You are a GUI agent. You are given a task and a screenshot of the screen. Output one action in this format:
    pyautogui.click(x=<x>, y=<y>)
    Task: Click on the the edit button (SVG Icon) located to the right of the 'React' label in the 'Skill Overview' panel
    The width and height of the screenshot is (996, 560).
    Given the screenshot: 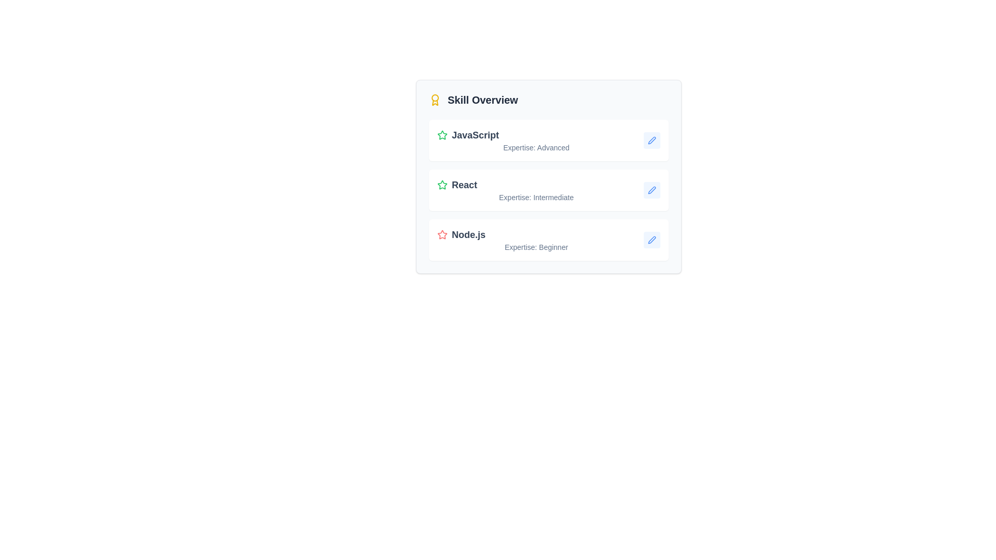 What is the action you would take?
    pyautogui.click(x=652, y=190)
    